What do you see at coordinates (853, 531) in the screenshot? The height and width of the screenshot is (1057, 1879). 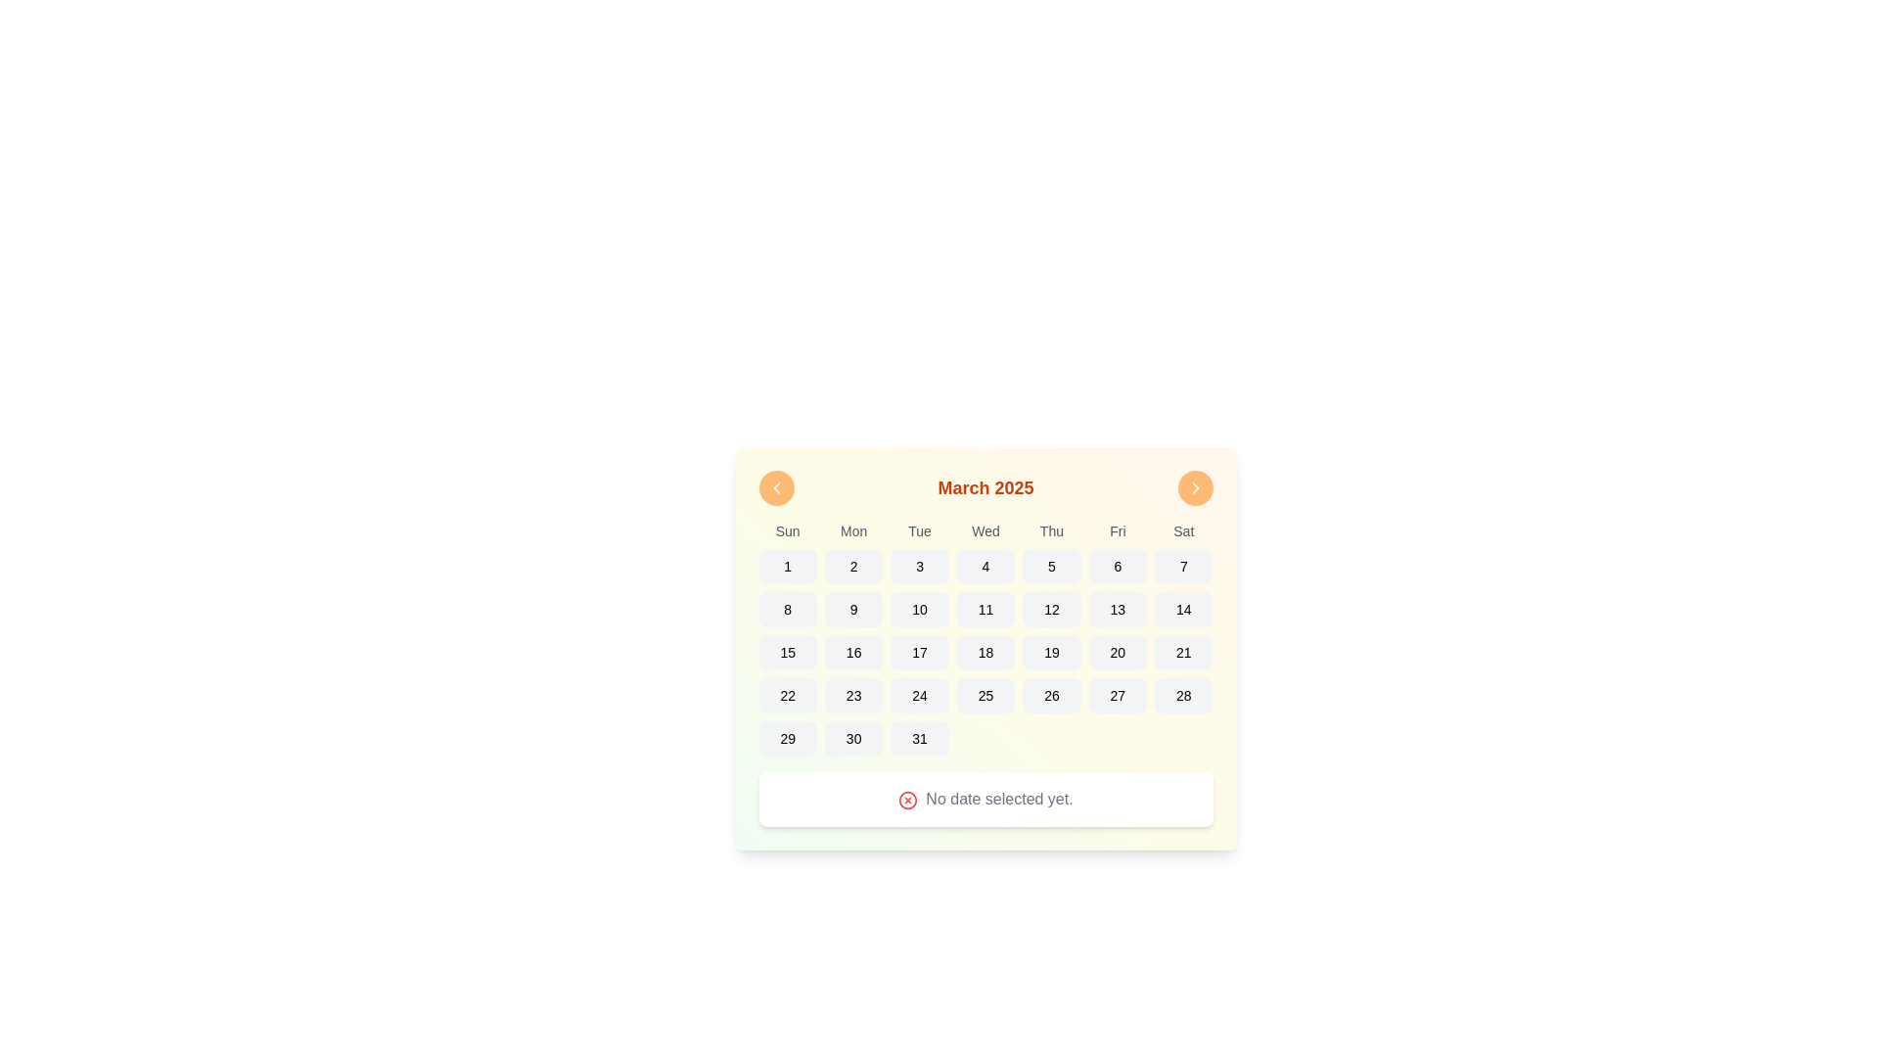 I see `the text label displaying 'Mon' in the second column of the first row of the calendar header` at bounding box center [853, 531].